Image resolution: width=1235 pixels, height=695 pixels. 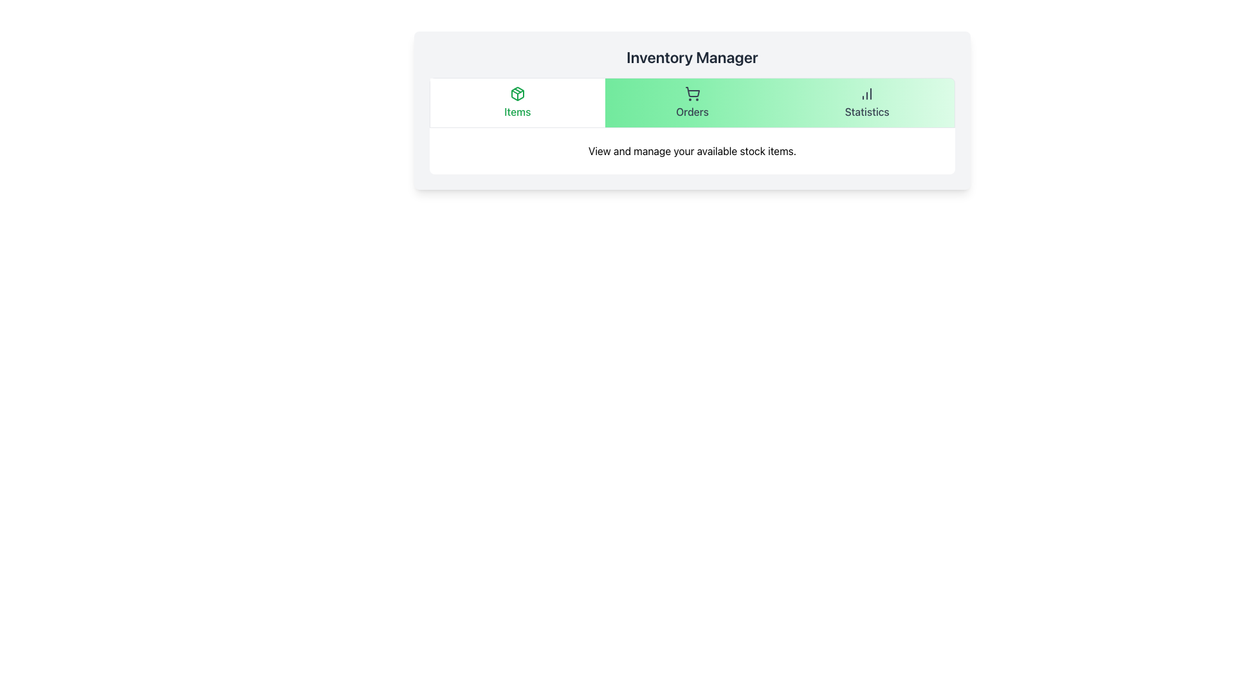 I want to click on the 'Items' button, which features a cubic box icon and green text, so click(x=517, y=102).